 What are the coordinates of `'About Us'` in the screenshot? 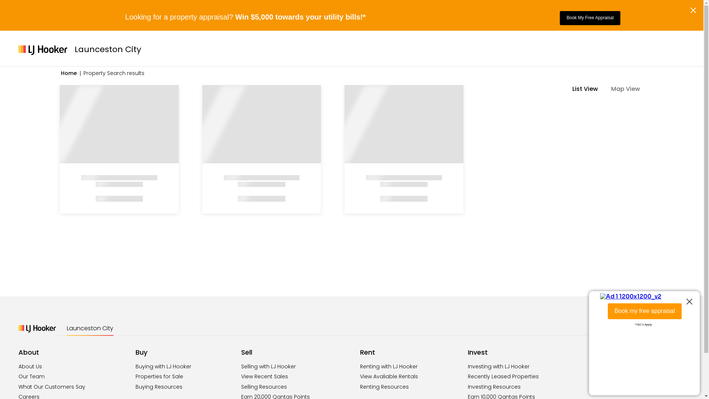 It's located at (30, 366).